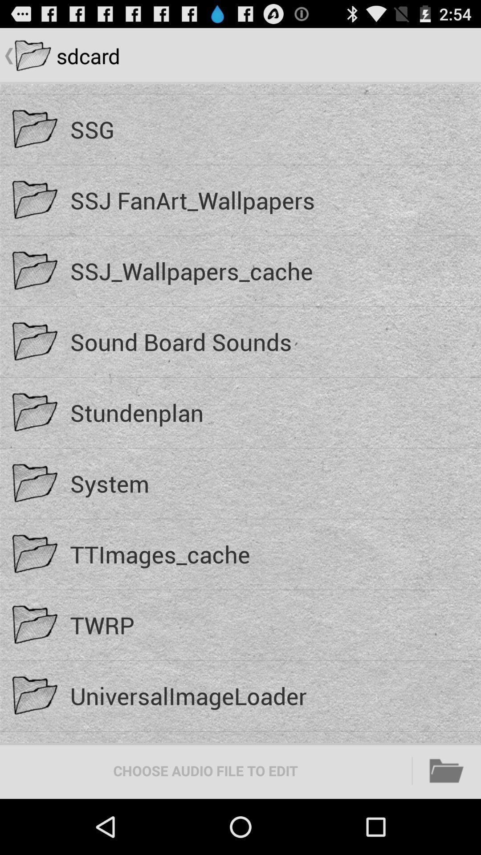 The height and width of the screenshot is (855, 481). Describe the element at coordinates (447, 770) in the screenshot. I see `item to the right of the choose audio file icon` at that location.